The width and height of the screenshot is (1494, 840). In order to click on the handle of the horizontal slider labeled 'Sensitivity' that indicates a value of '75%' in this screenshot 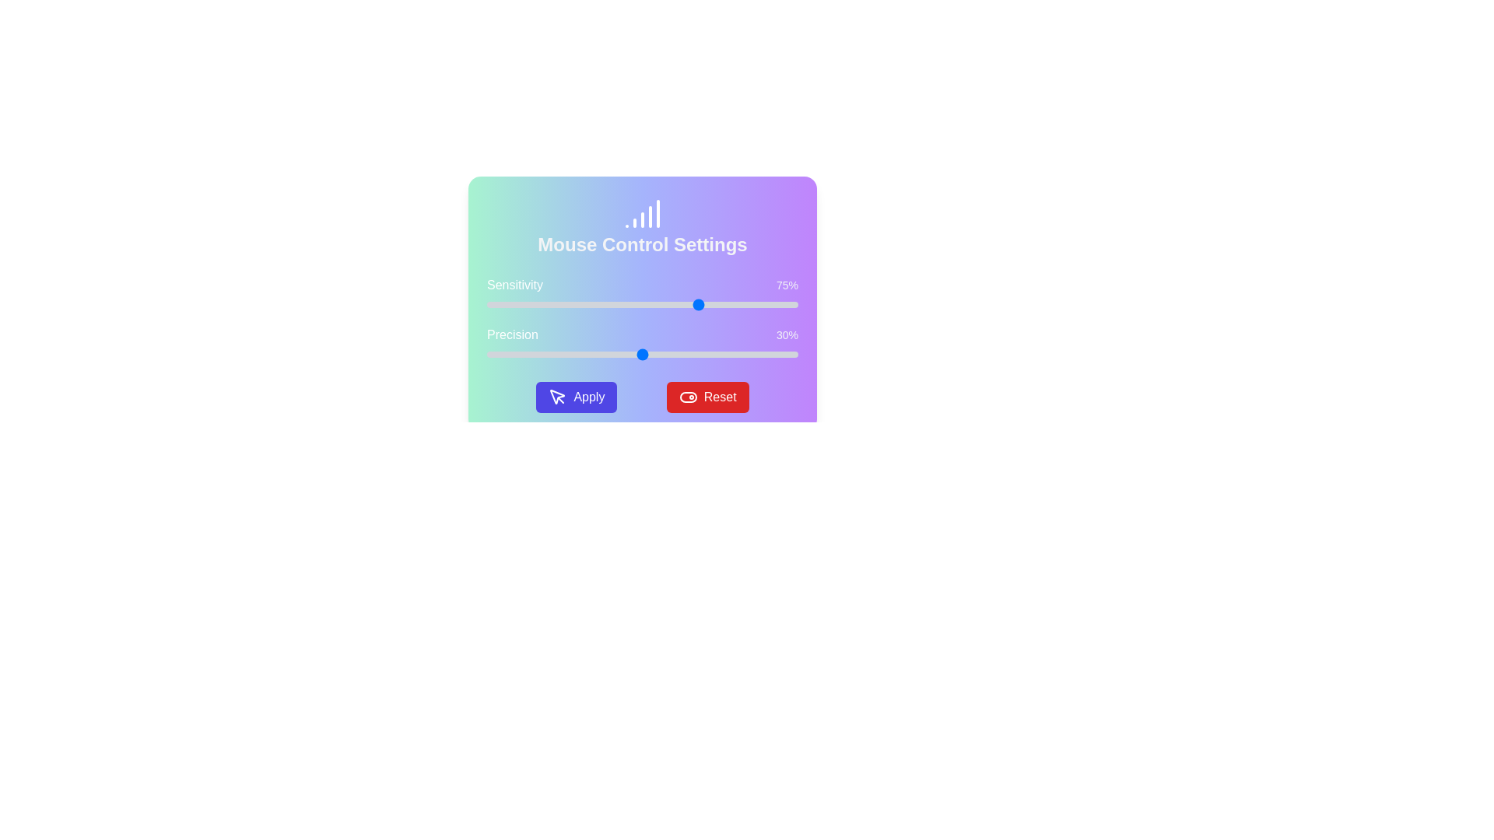, I will do `click(642, 294)`.